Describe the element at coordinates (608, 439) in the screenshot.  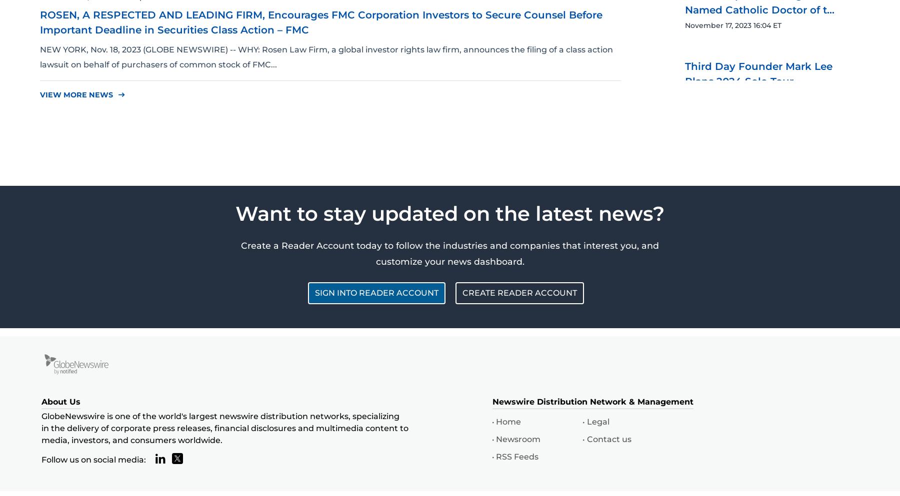
I see `'Contact us'` at that location.